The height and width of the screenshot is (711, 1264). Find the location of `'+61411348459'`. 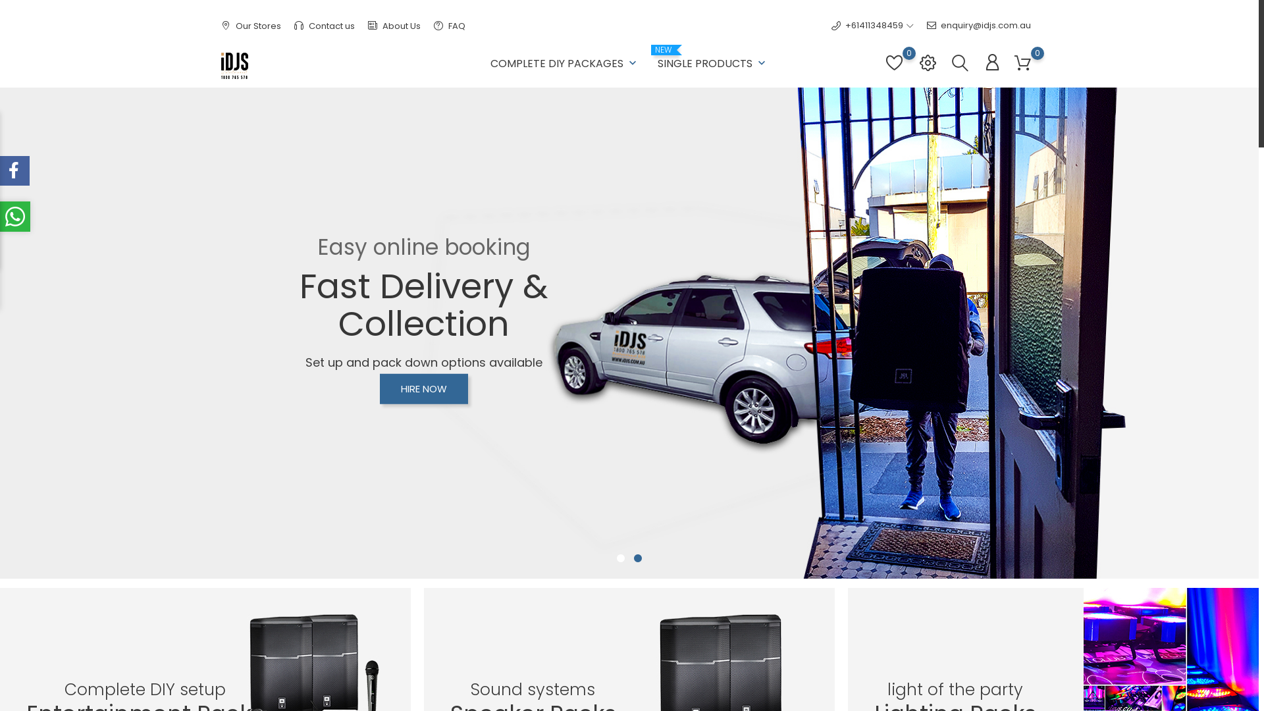

'+61411348459' is located at coordinates (867, 25).